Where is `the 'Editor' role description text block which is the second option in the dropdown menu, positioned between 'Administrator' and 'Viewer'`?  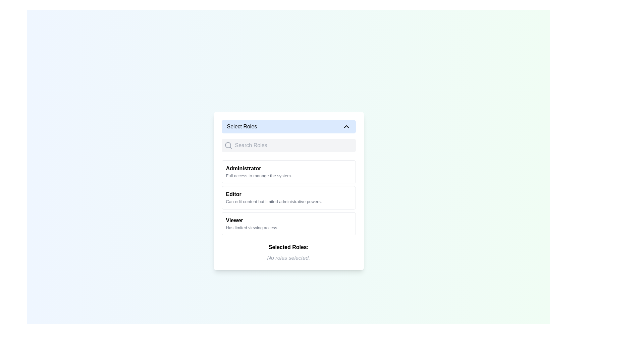 the 'Editor' role description text block which is the second option in the dropdown menu, positioned between 'Administrator' and 'Viewer' is located at coordinates (288, 197).